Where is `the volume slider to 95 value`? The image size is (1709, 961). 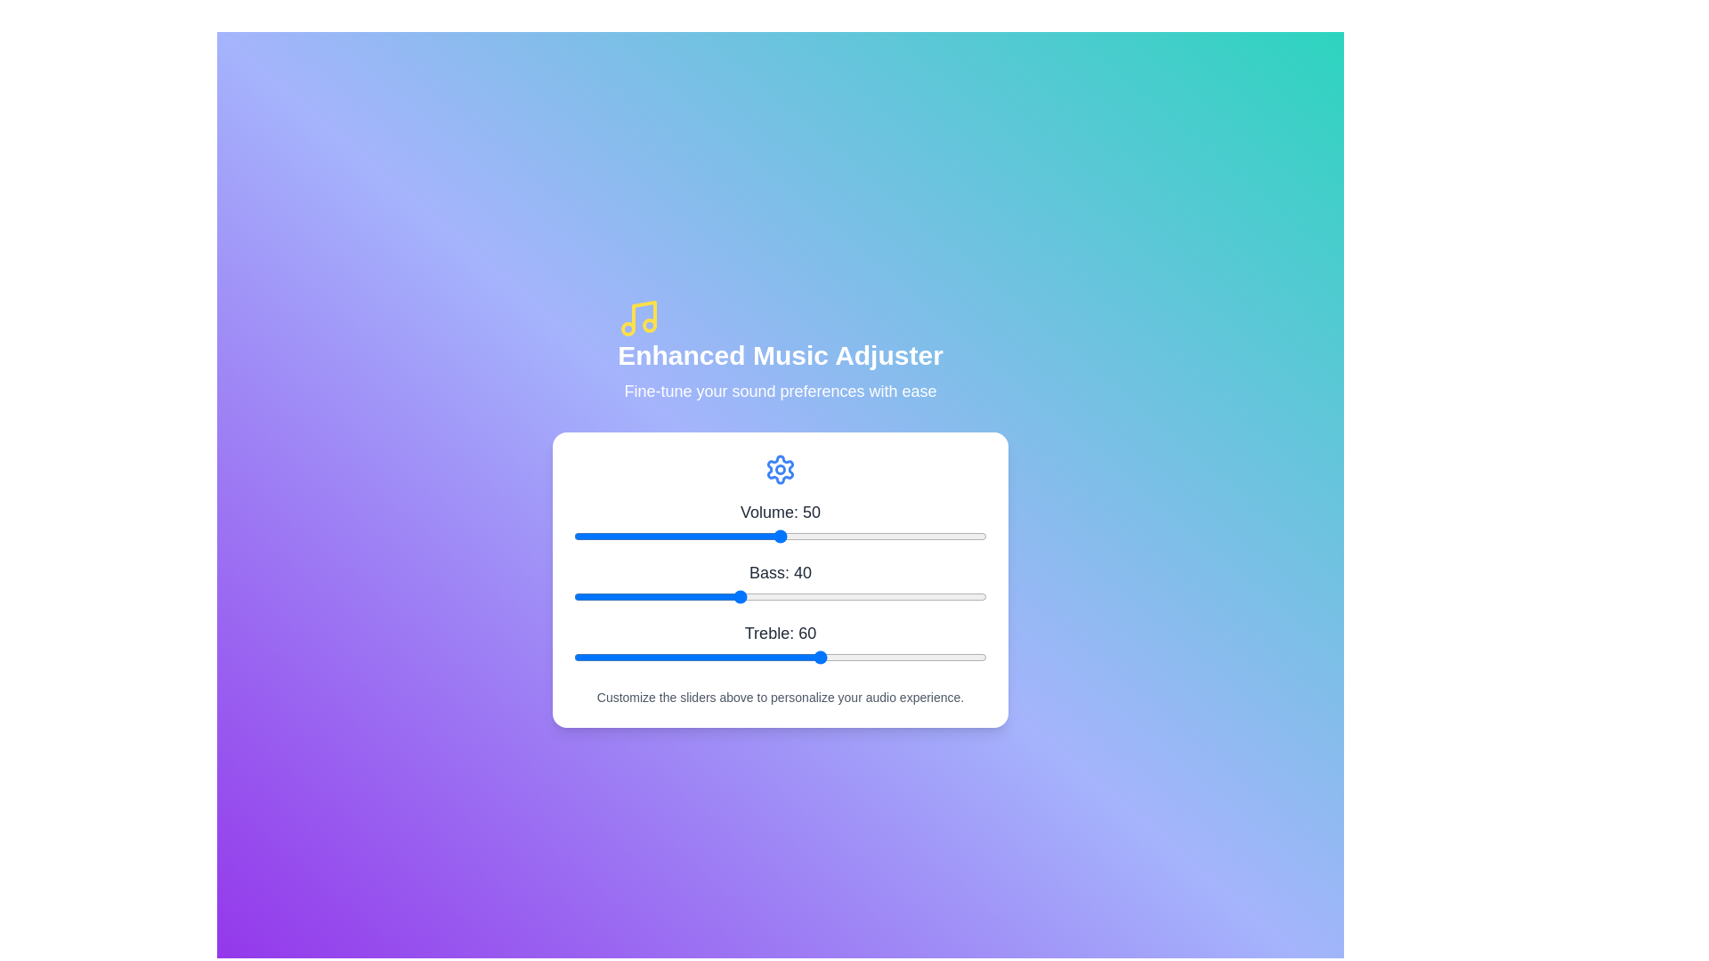
the volume slider to 95 value is located at coordinates (965, 535).